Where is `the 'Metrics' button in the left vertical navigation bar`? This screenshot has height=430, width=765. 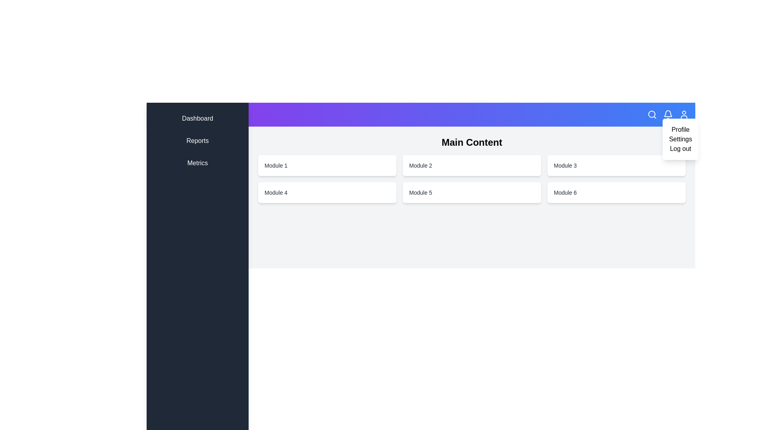 the 'Metrics' button in the left vertical navigation bar is located at coordinates (197, 162).